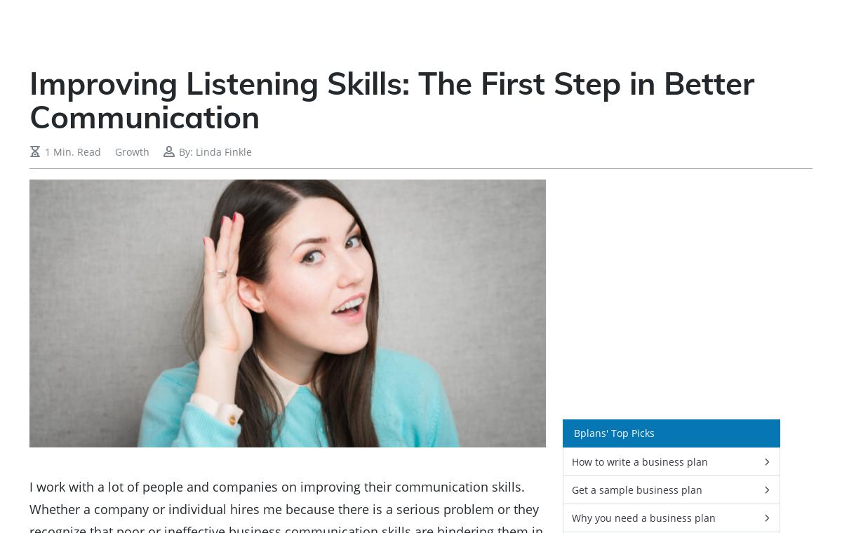  Describe the element at coordinates (182, 446) in the screenshot. I see `'Start for $20/mo'` at that location.